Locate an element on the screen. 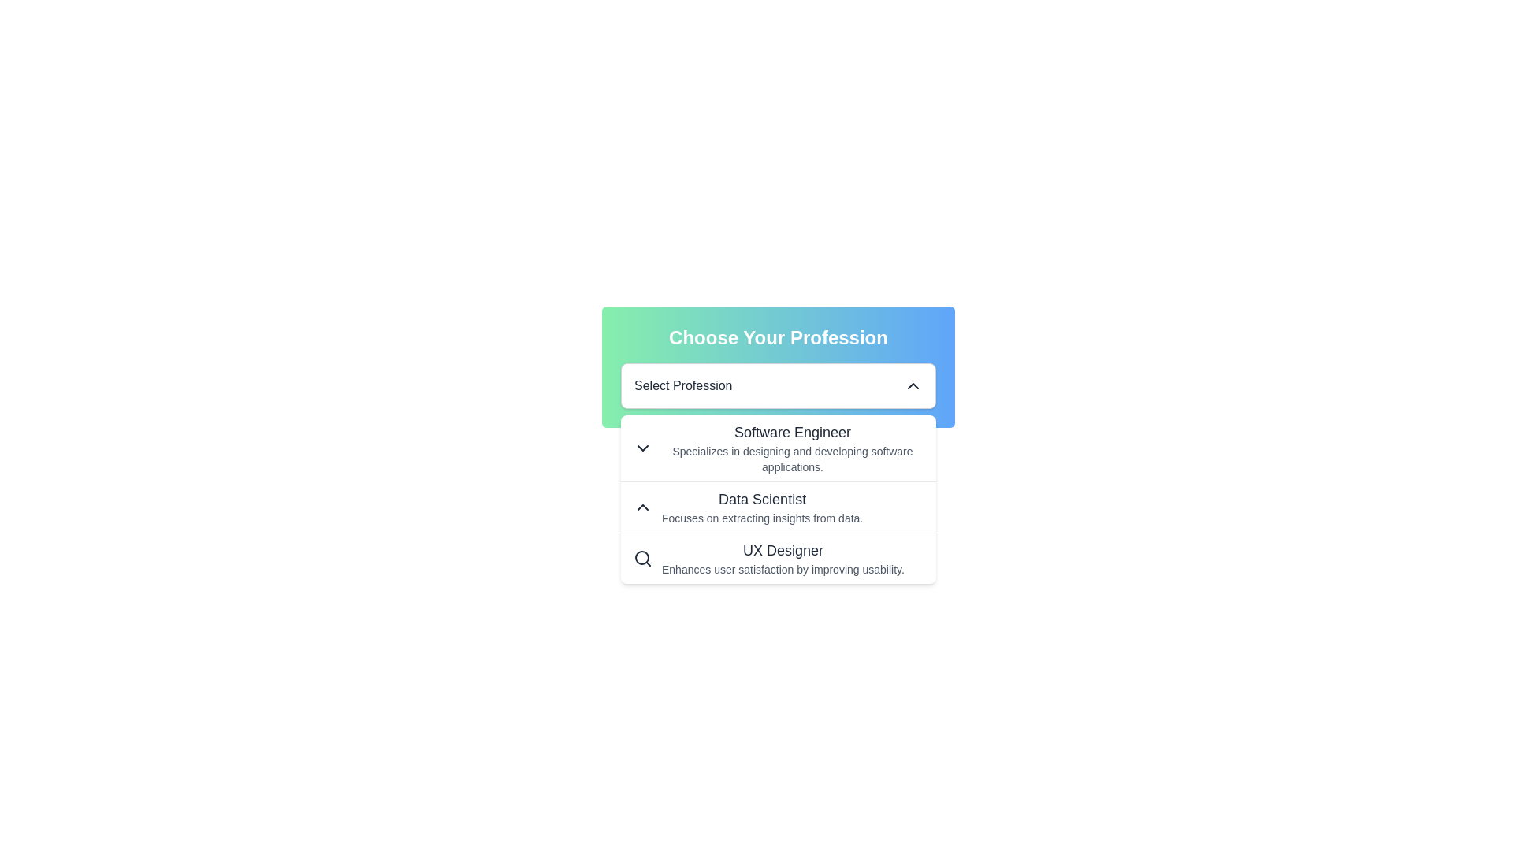 This screenshot has height=851, width=1513. the placeholder text label in the dropdown menu is located at coordinates (683, 385).